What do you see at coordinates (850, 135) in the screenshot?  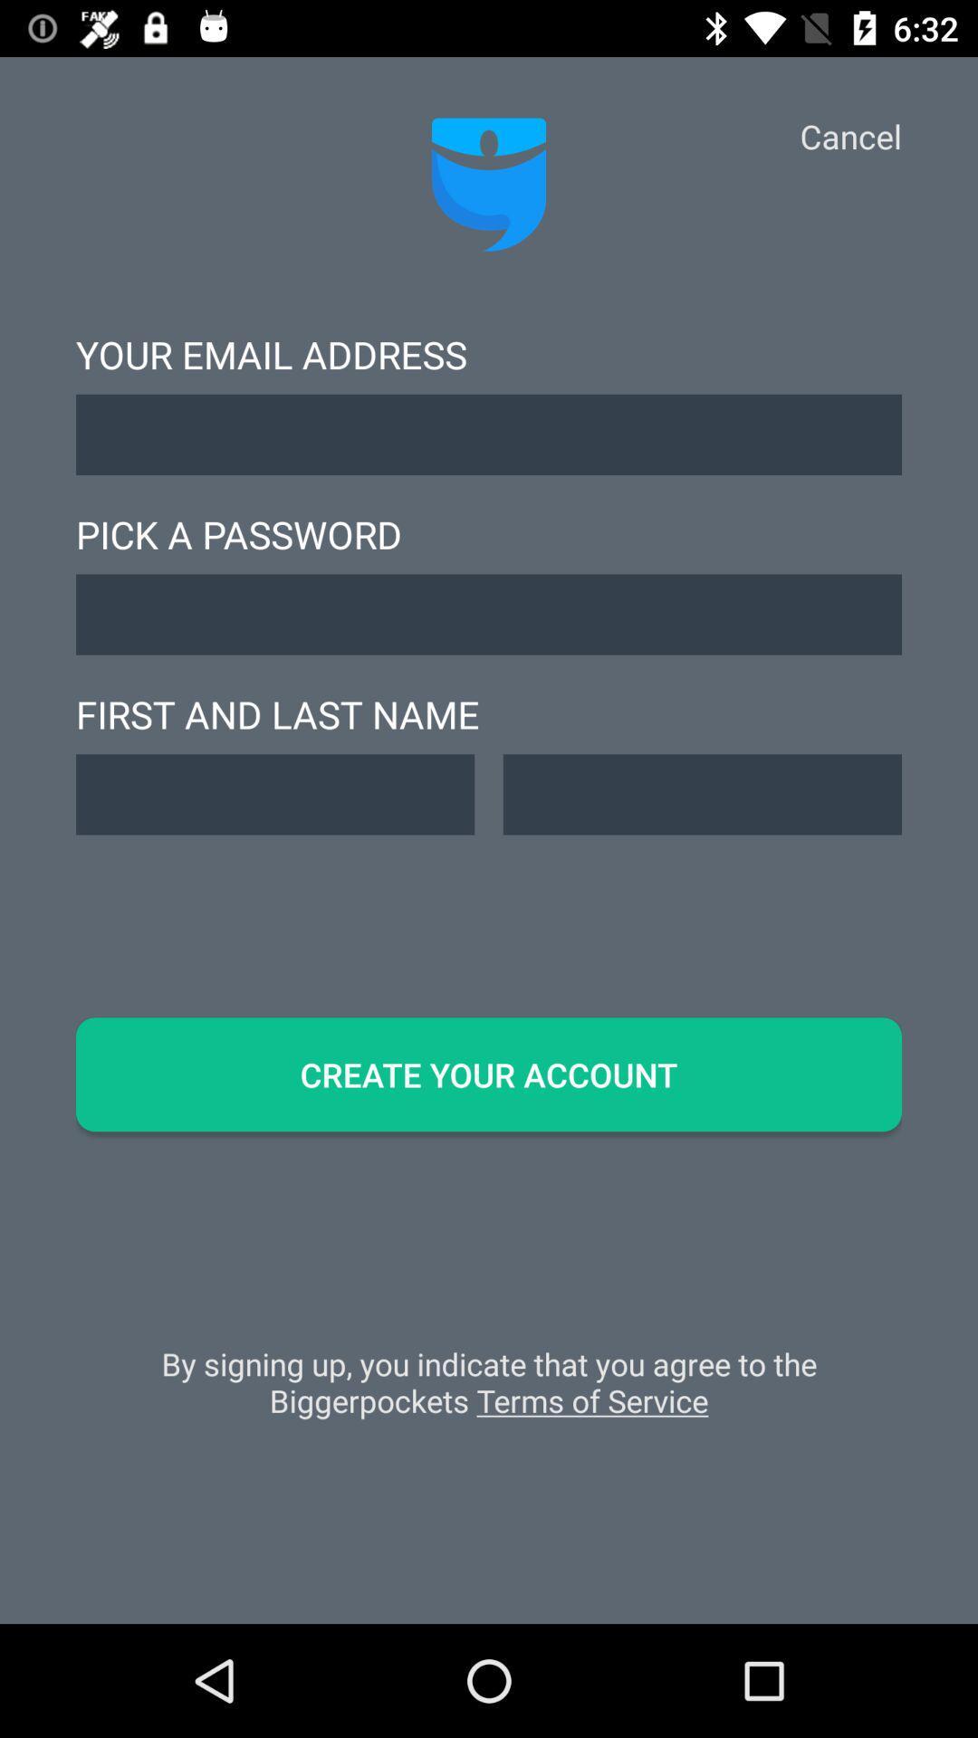 I see `cancel app` at bounding box center [850, 135].